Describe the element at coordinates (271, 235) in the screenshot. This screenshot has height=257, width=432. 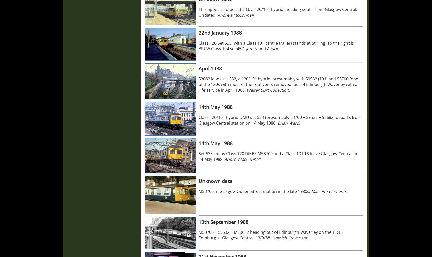
I see `'M53700 + 59532 + M53682 heading out of Edinburgh Waverley on the 11:18 Edinburgh - Glasgow Central, 13/9/88.'` at that location.